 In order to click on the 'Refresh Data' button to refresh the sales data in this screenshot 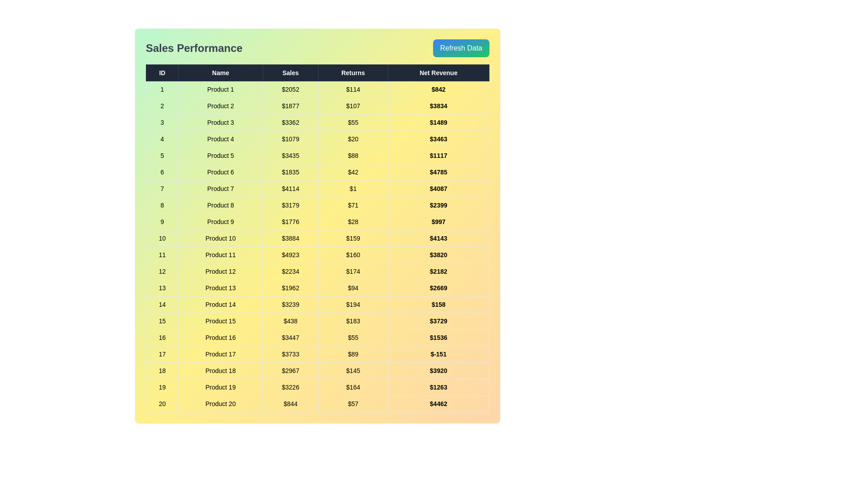, I will do `click(461, 48)`.